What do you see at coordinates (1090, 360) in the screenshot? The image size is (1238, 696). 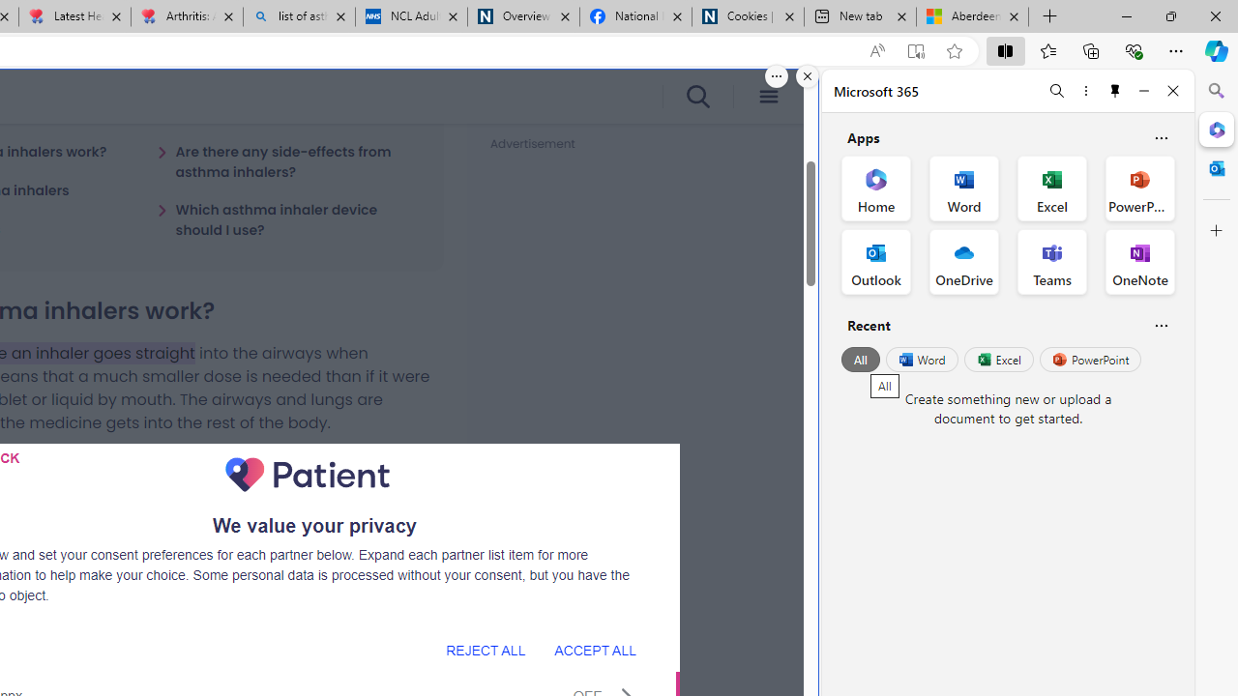 I see `'PowerPoint'` at bounding box center [1090, 360].